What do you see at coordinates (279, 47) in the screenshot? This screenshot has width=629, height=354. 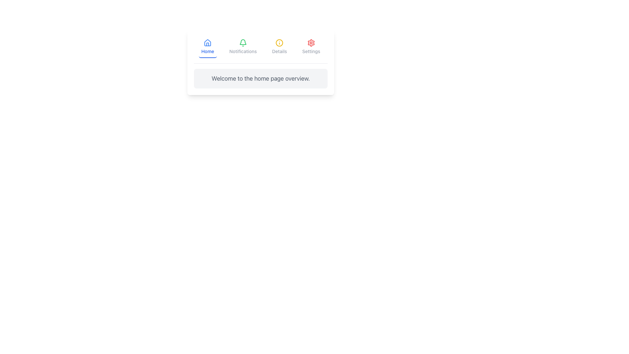 I see `the 'Details' navigation button located in the navigation bar, which is the third button from the left` at bounding box center [279, 47].